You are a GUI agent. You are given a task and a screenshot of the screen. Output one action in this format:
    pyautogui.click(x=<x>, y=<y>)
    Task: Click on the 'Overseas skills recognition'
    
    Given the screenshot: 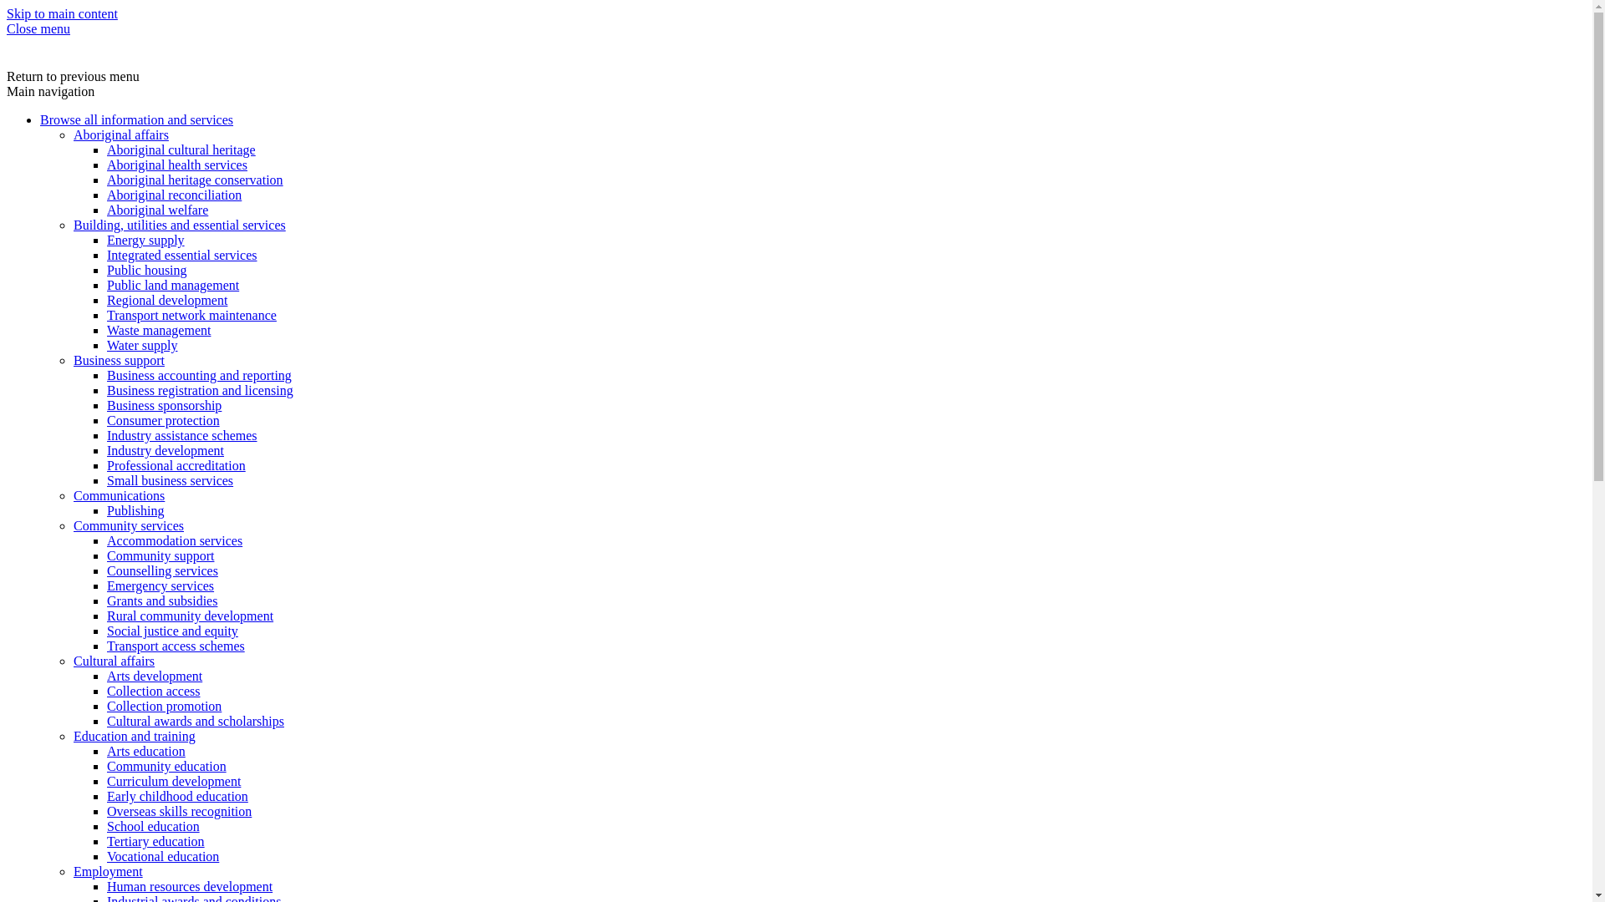 What is the action you would take?
    pyautogui.click(x=179, y=810)
    